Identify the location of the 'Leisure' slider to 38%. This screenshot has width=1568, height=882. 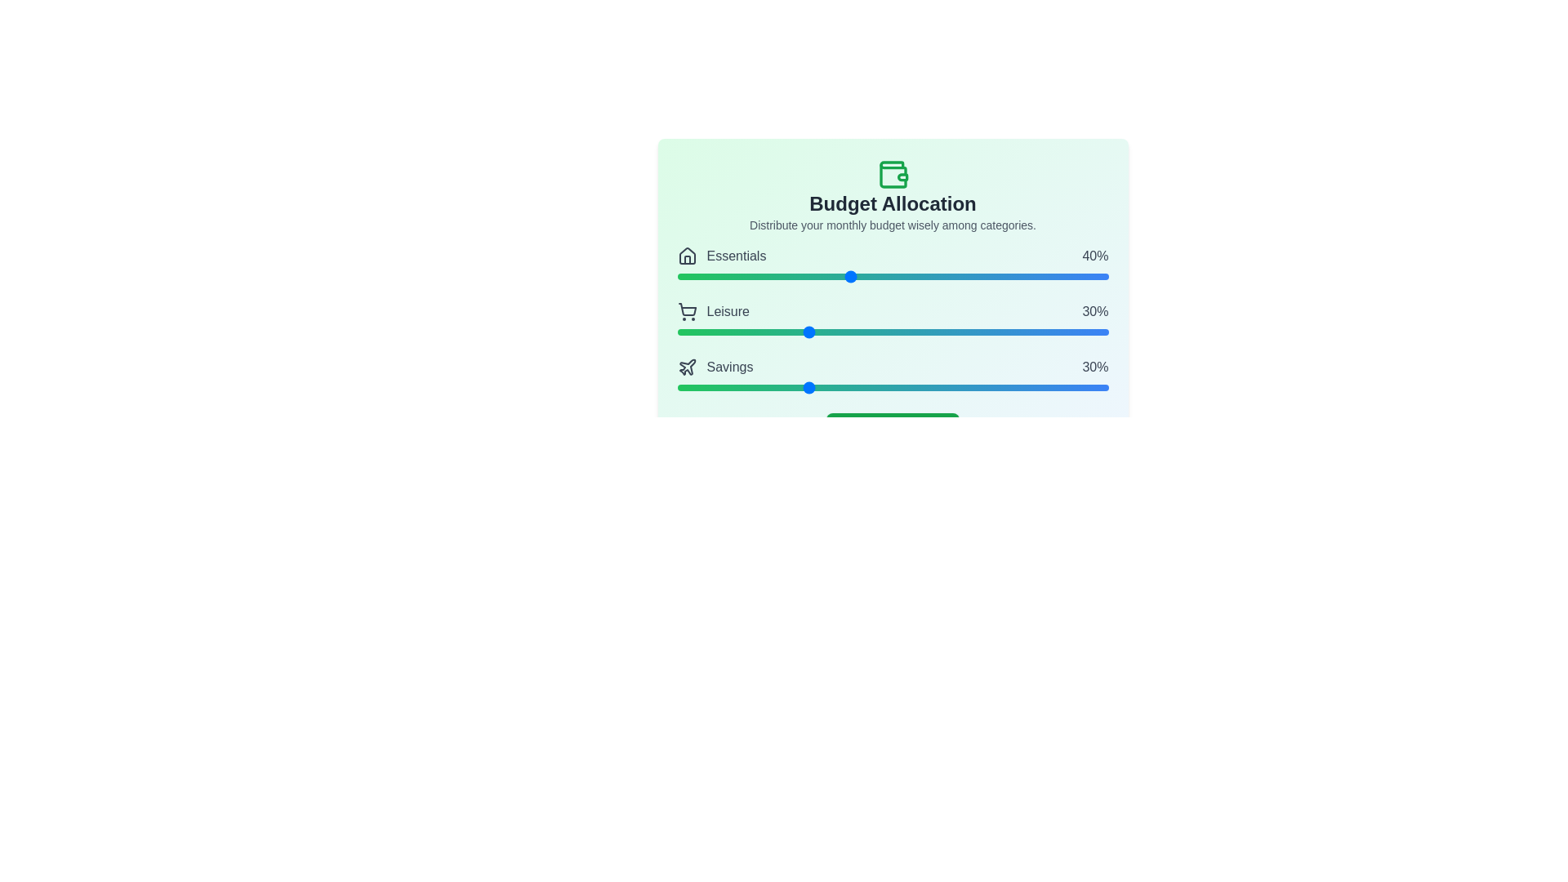
(841, 332).